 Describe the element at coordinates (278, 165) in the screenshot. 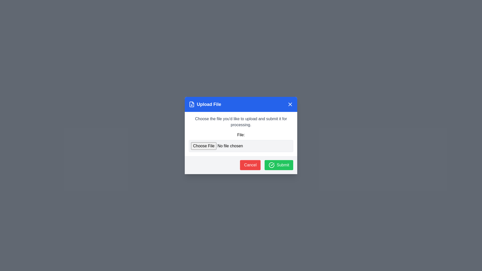

I see `the Submit button to observe visual feedback` at that location.